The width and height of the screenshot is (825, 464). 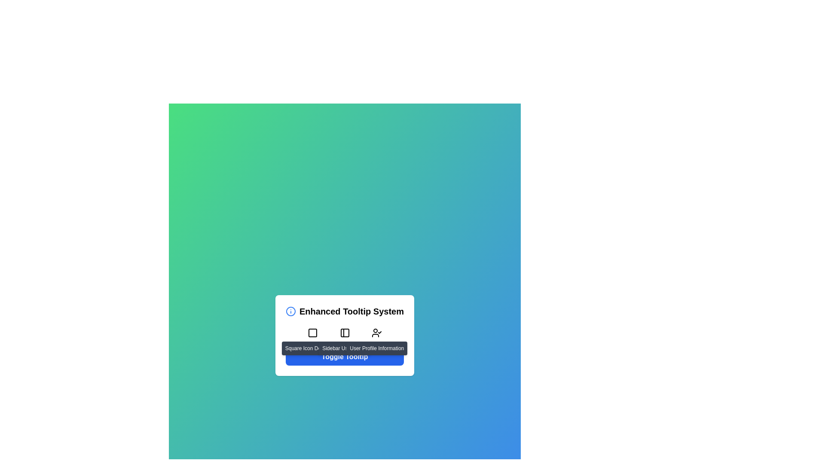 I want to click on the tooltip labeled 'Square Icon Description' which is a rectangular element with a dark gray background and white text, positioned below the square icon, so click(x=312, y=348).